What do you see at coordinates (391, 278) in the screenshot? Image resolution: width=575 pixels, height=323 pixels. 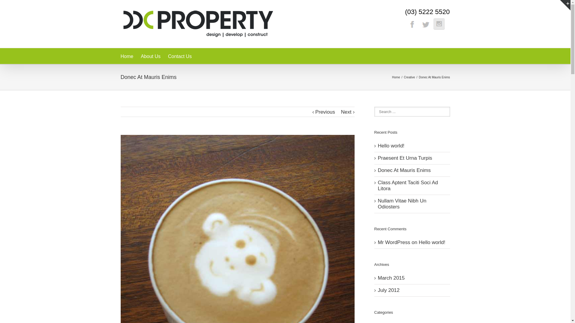 I see `'March 2015'` at bounding box center [391, 278].